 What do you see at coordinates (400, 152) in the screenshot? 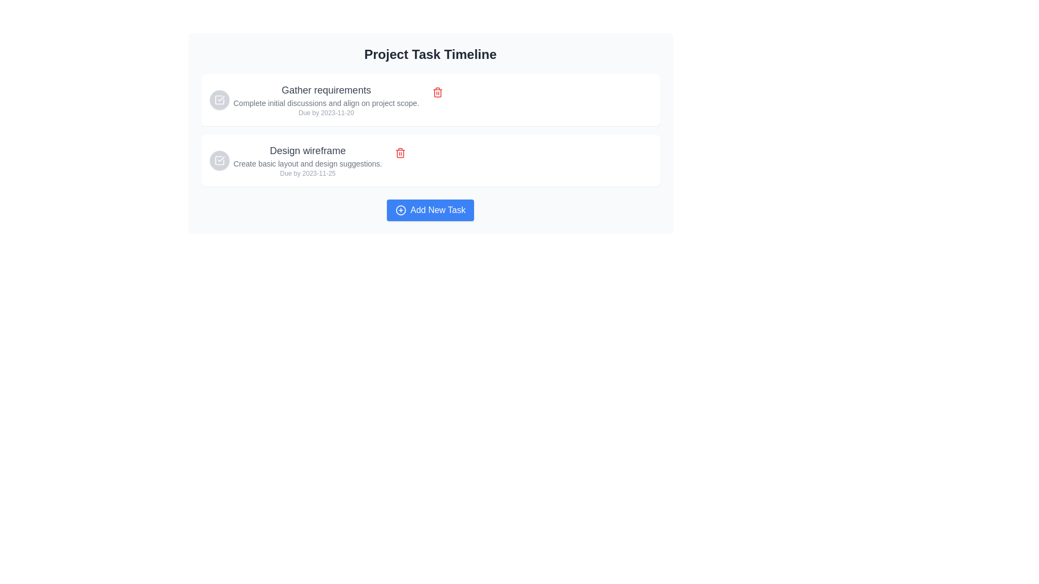
I see `the circular red button with a trash can icon` at bounding box center [400, 152].